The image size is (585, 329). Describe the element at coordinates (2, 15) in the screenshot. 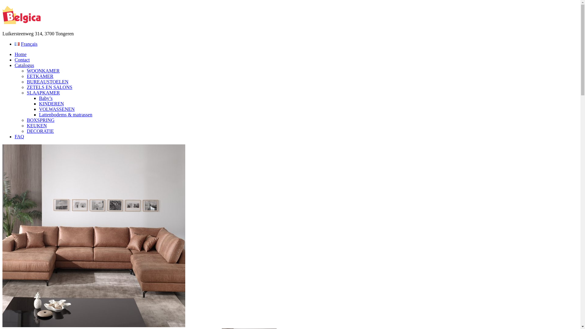

I see `'Meer dan ooit de goedkoopste'` at that location.